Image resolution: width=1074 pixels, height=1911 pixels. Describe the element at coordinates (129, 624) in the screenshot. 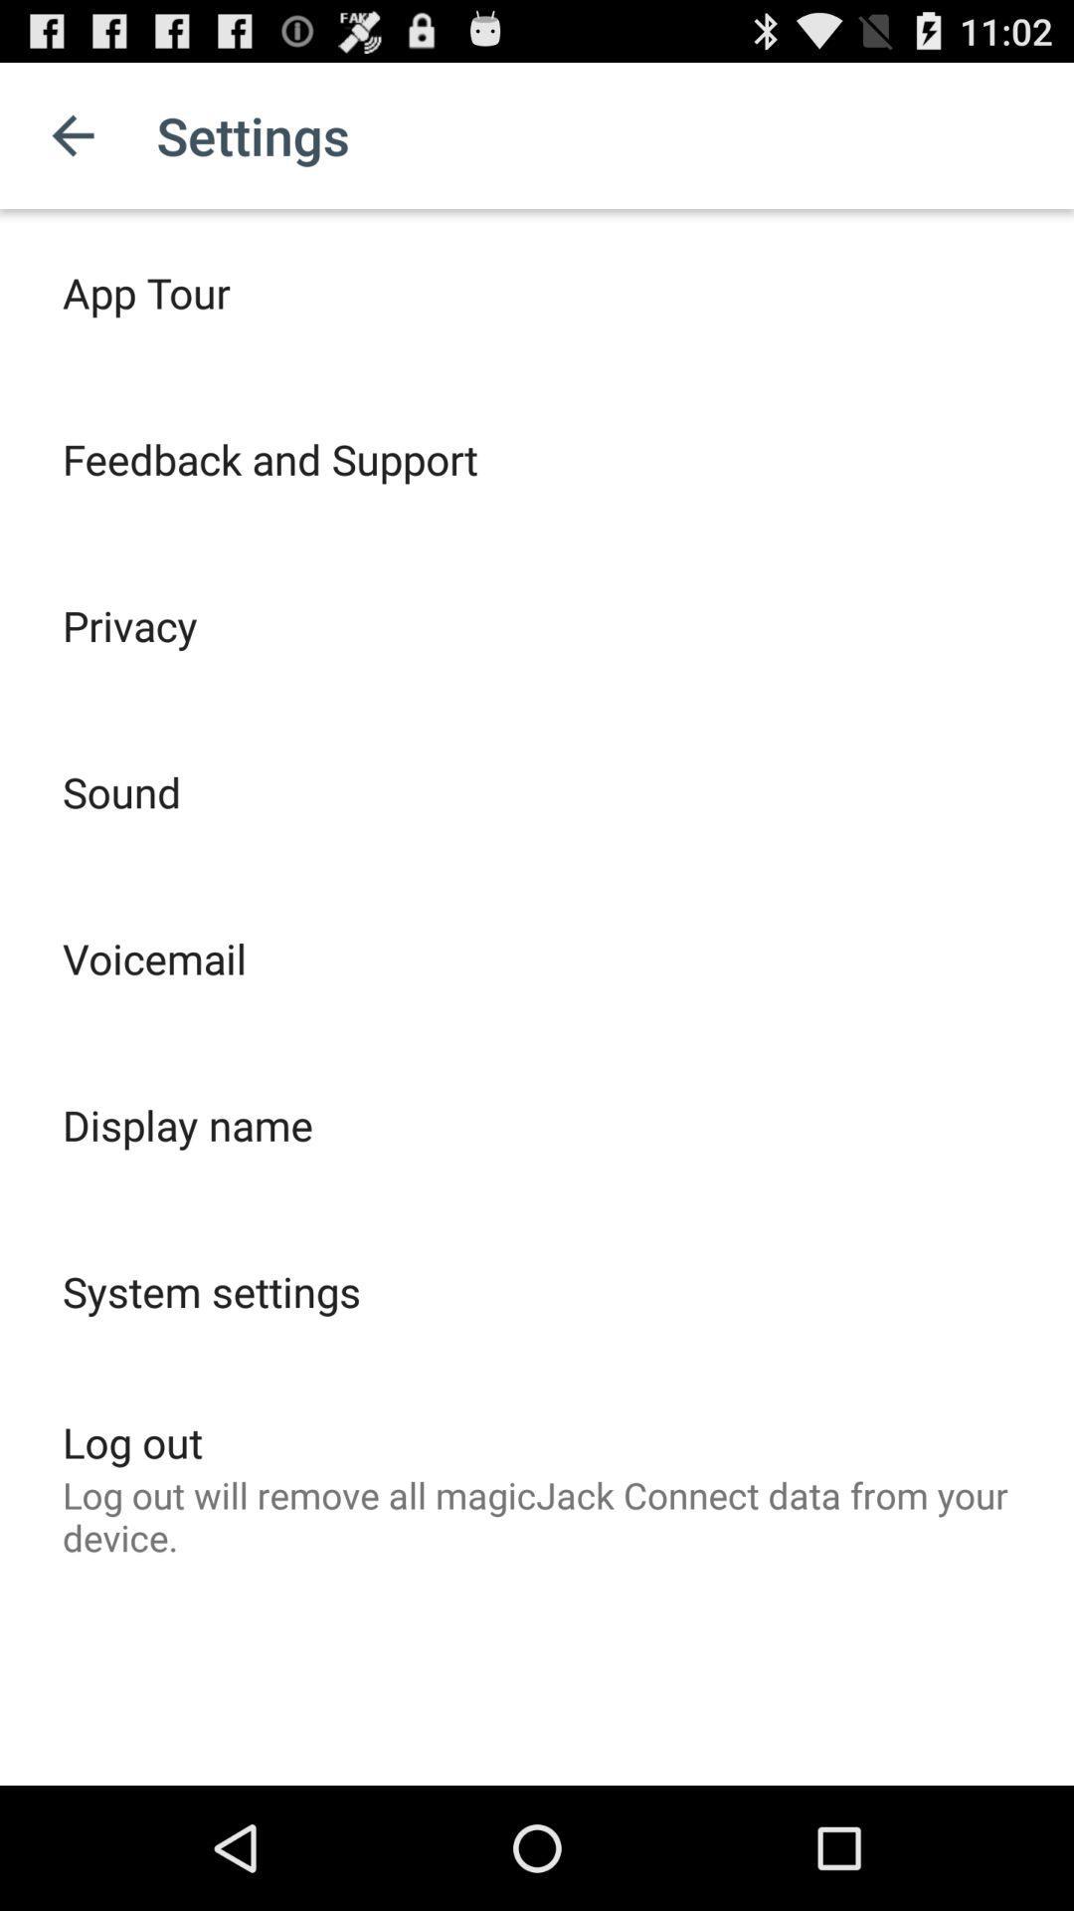

I see `the app above the sound` at that location.